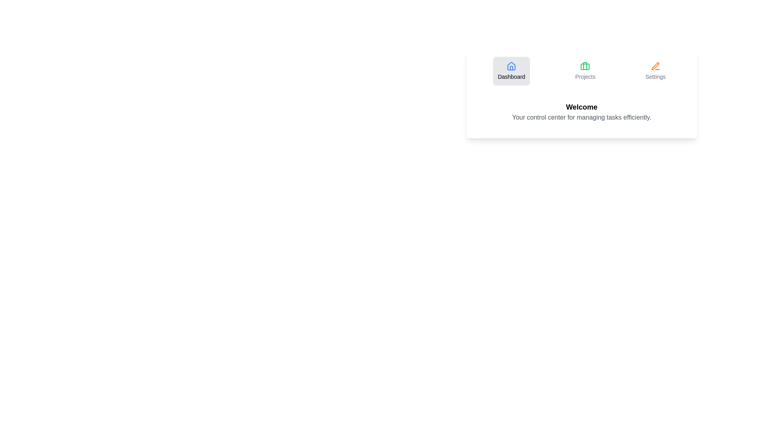 The image size is (769, 432). I want to click on the Dashboard tab, so click(511, 70).